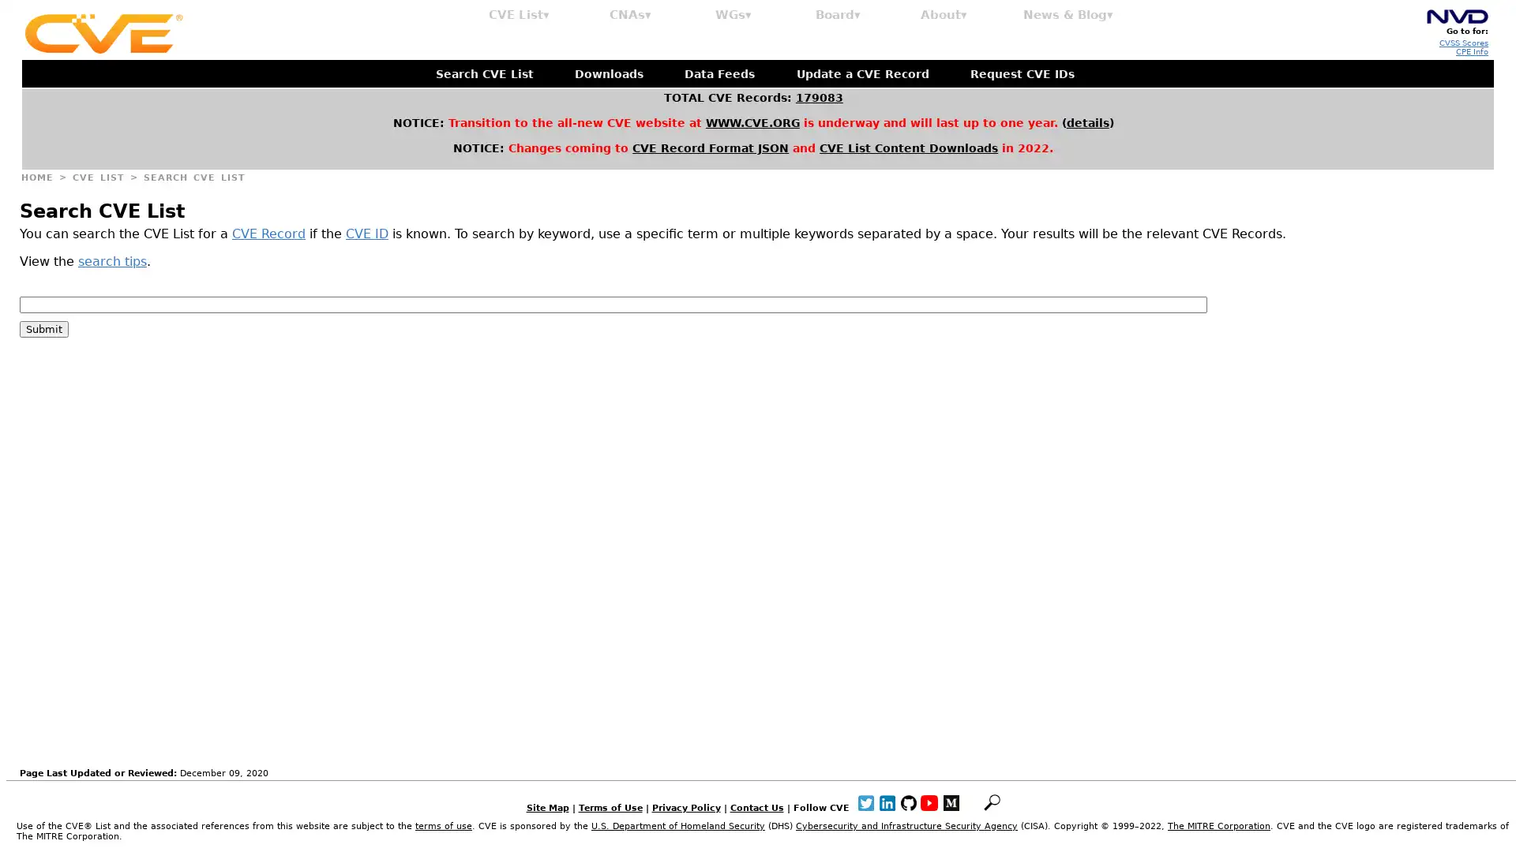  What do you see at coordinates (944, 15) in the screenshot?
I see `About` at bounding box center [944, 15].